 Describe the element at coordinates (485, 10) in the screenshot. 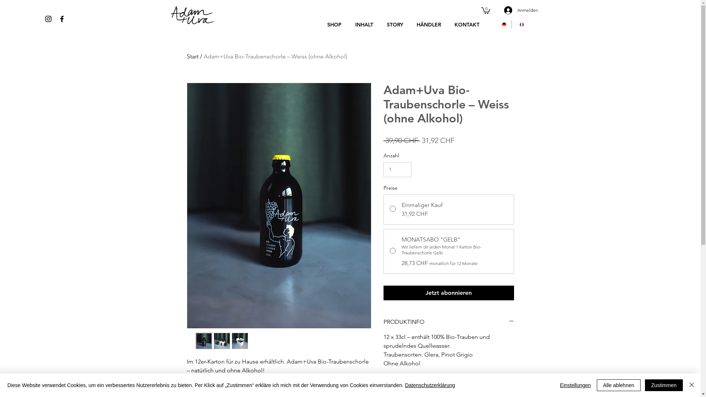

I see `'0'` at that location.